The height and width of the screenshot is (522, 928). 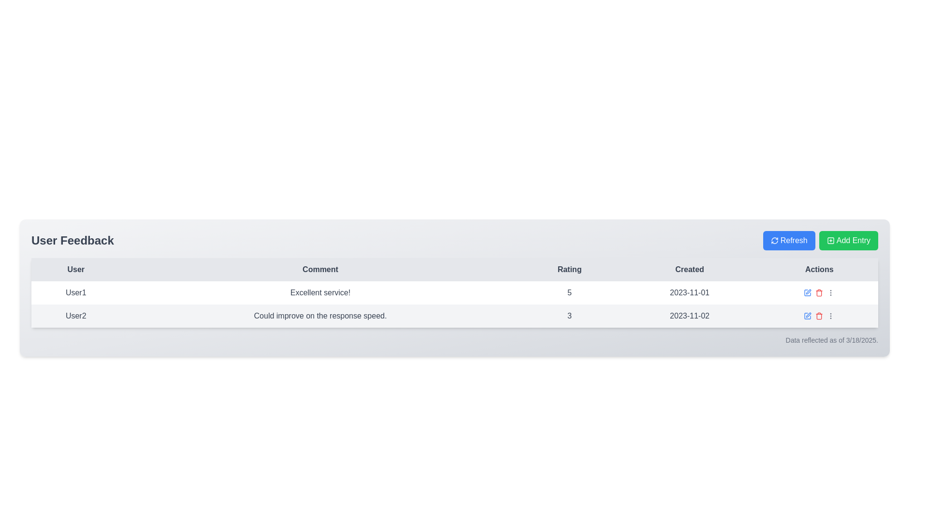 What do you see at coordinates (789, 240) in the screenshot?
I see `the blue 'Refresh' button with rounded corners that displays a refresh icon and white text to observe the hover state change` at bounding box center [789, 240].